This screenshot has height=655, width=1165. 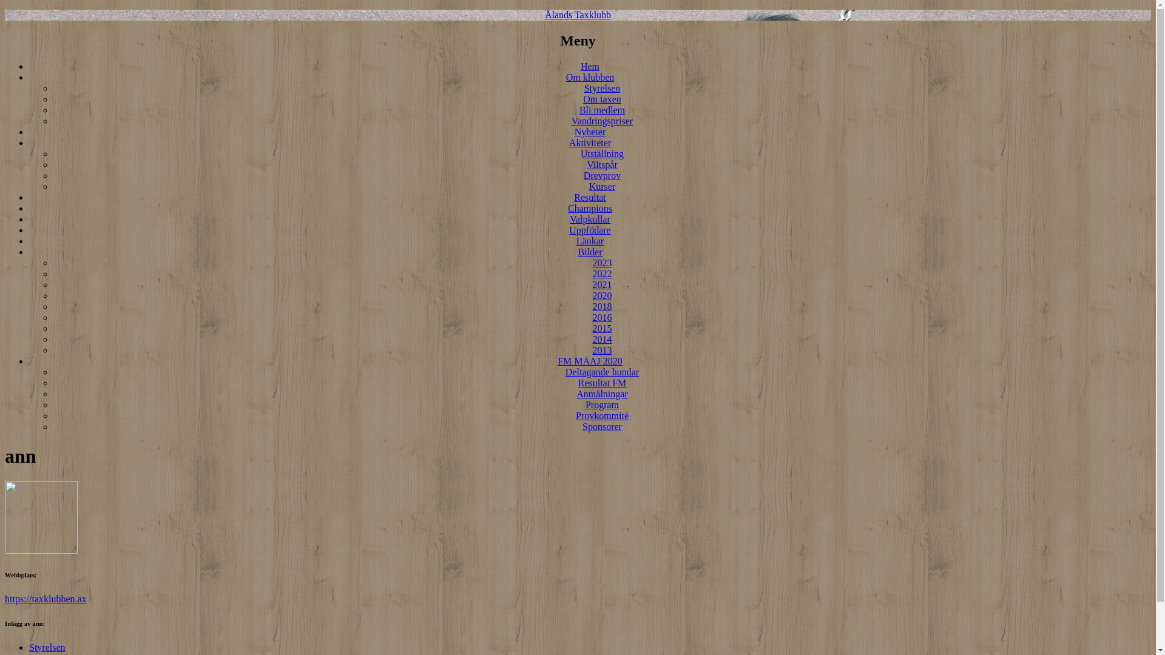 What do you see at coordinates (602, 295) in the screenshot?
I see `'2020'` at bounding box center [602, 295].